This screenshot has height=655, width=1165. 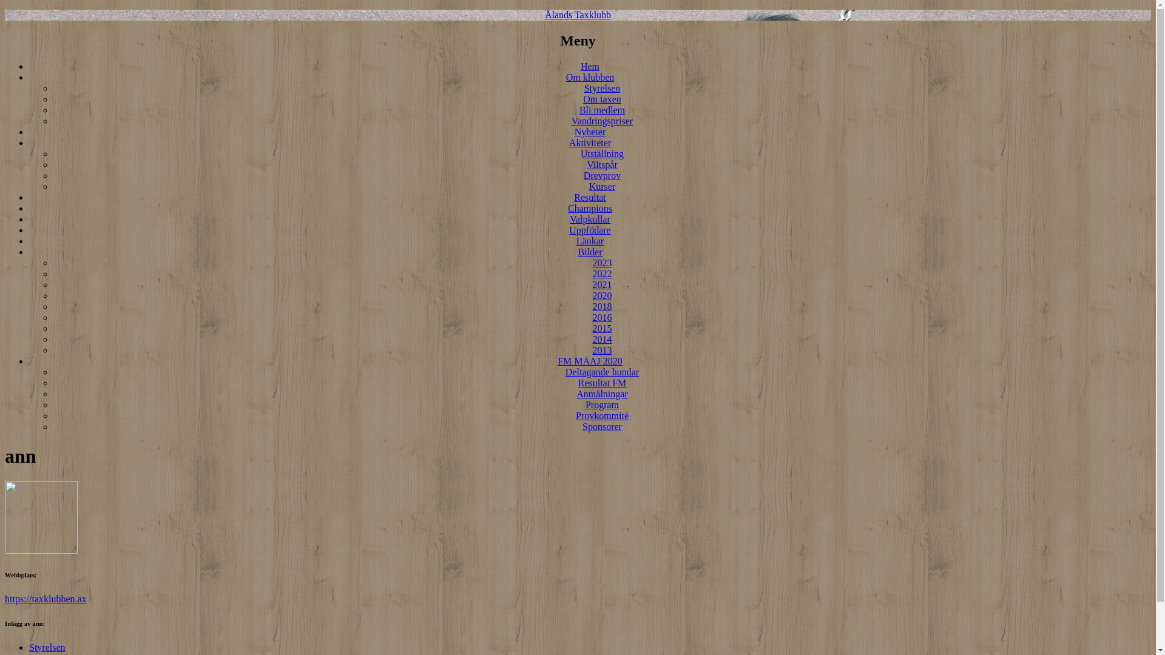 What do you see at coordinates (602, 295) in the screenshot?
I see `'2020'` at bounding box center [602, 295].